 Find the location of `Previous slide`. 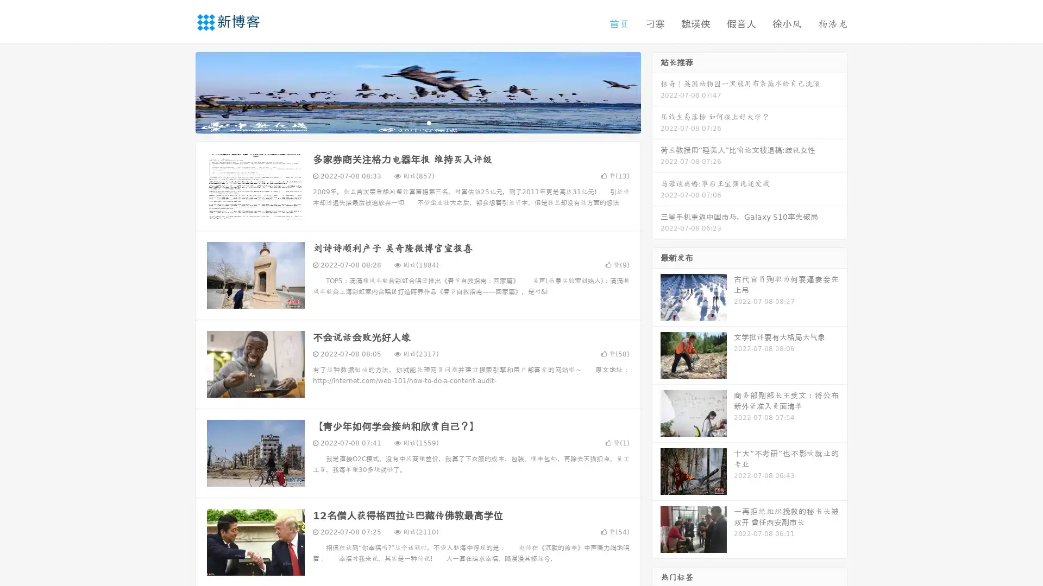

Previous slide is located at coordinates (179, 91).